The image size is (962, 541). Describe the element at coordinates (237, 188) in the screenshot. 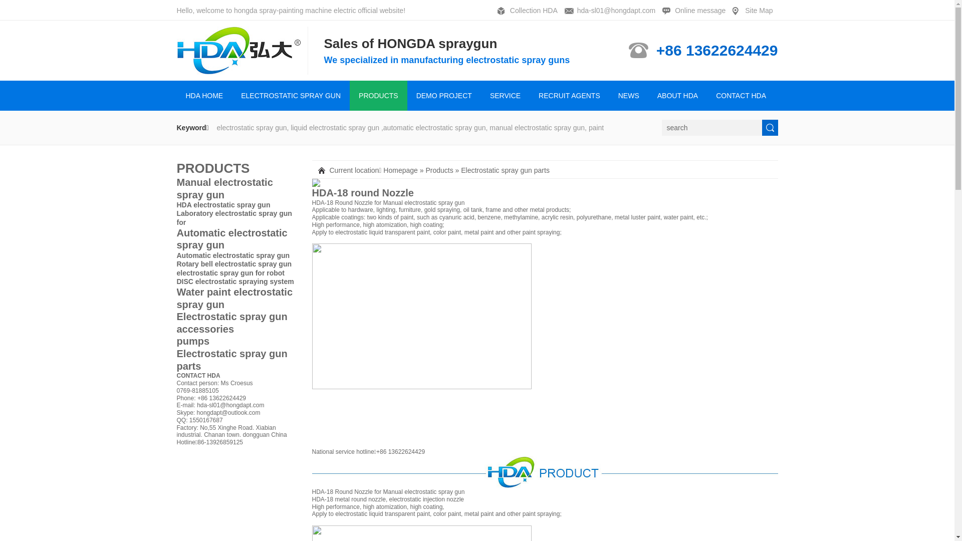

I see `'Manual electrostatic spray gun'` at that location.